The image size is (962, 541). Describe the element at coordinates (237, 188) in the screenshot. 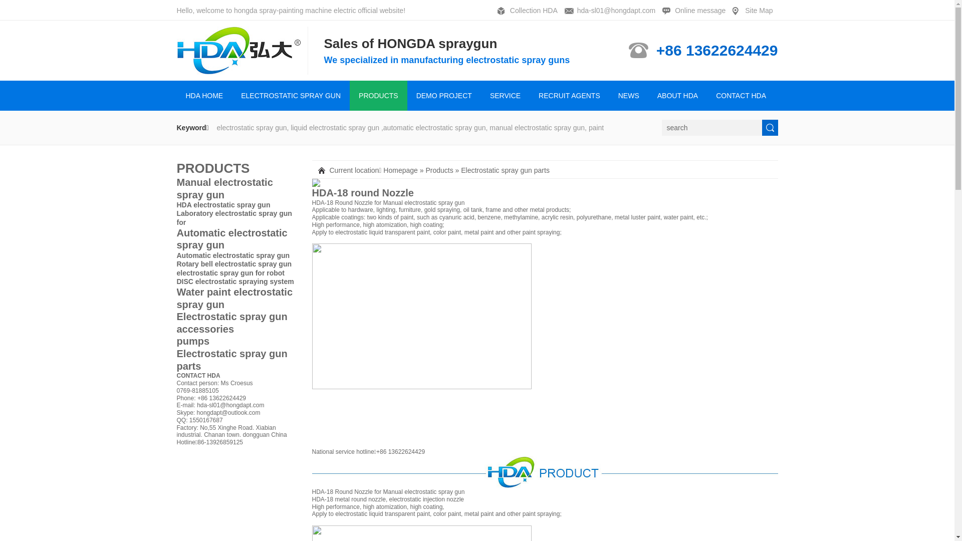

I see `'Manual electrostatic spray gun'` at that location.